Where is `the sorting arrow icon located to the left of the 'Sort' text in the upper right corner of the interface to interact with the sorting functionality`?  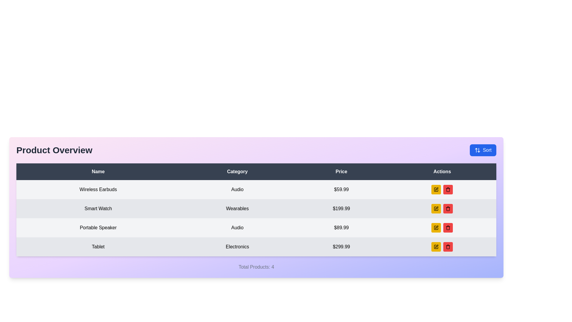 the sorting arrow icon located to the left of the 'Sort' text in the upper right corner of the interface to interact with the sorting functionality is located at coordinates (477, 150).